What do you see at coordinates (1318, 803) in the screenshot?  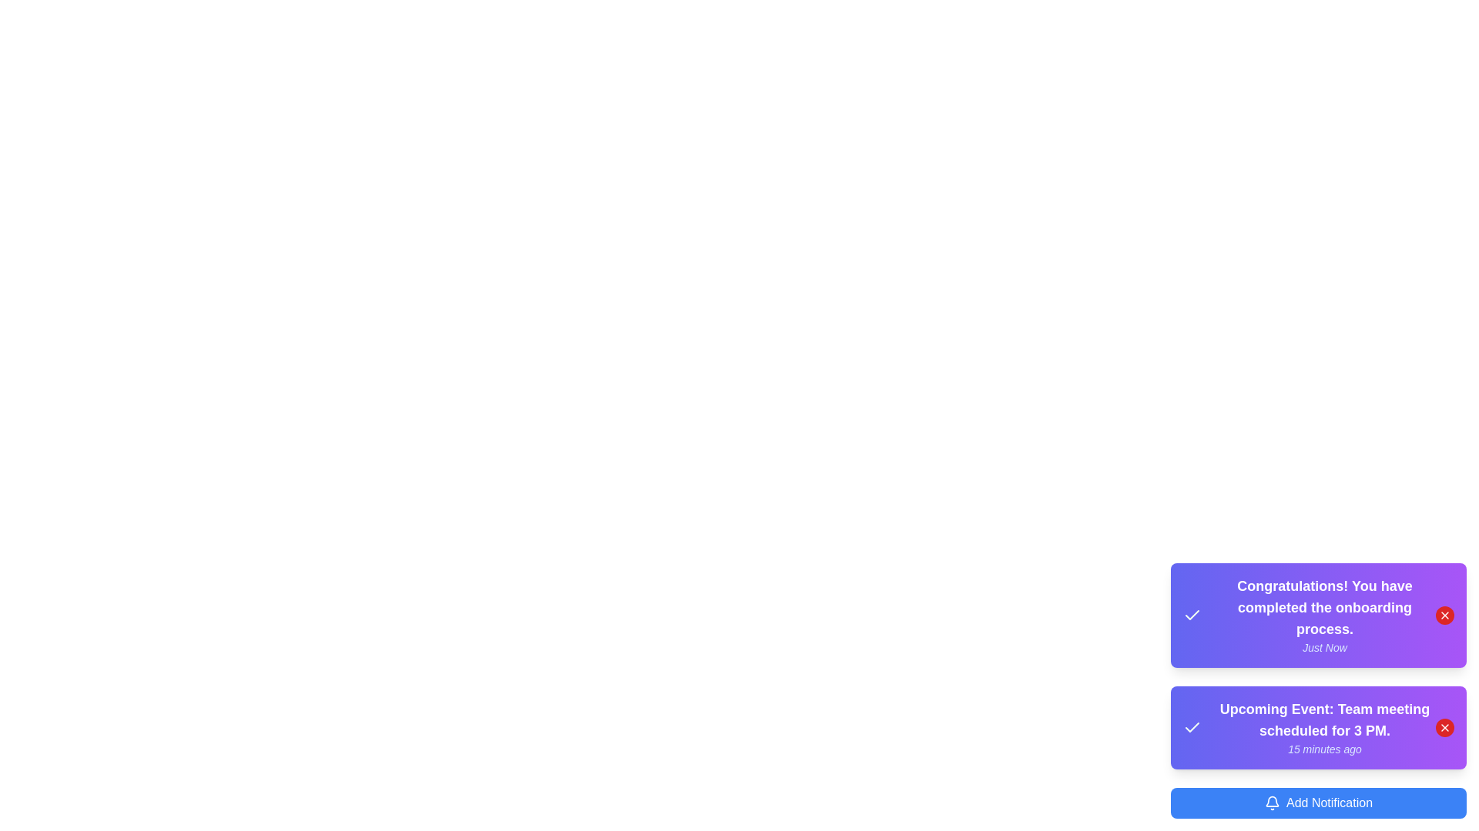 I see `the 'Add Notification' button to add a new notification` at bounding box center [1318, 803].